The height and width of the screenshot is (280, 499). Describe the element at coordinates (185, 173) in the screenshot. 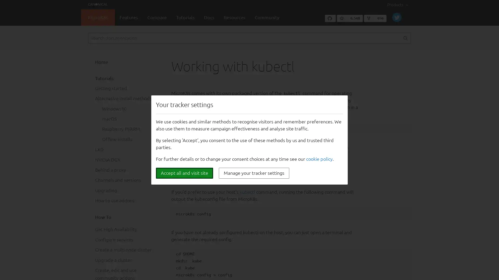

I see `Accept all and visit site` at that location.